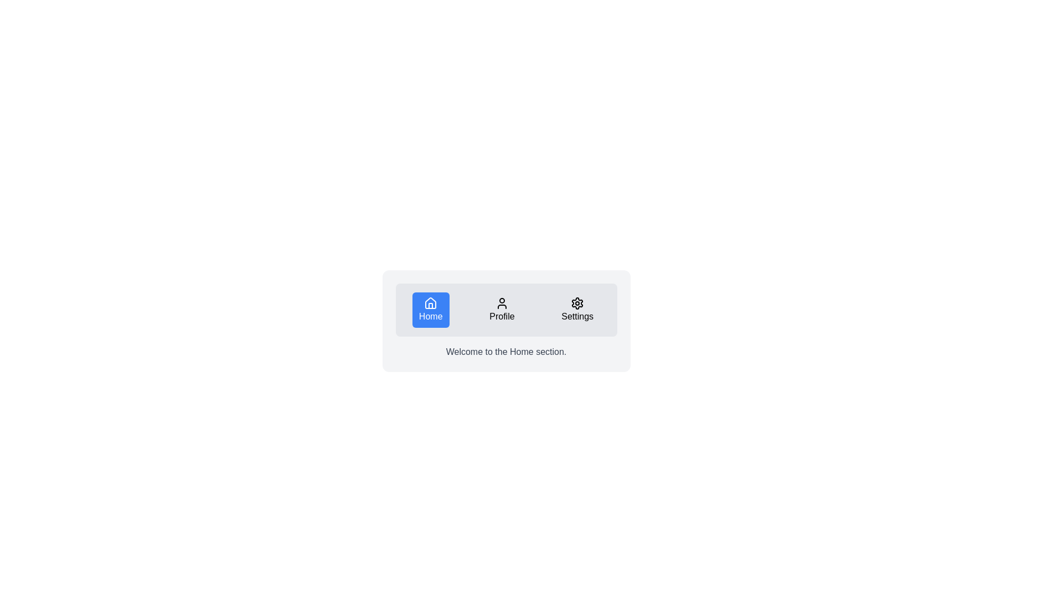  What do you see at coordinates (501, 303) in the screenshot?
I see `the 'Profile' icon located in the central section of the horizontal navigation menu` at bounding box center [501, 303].